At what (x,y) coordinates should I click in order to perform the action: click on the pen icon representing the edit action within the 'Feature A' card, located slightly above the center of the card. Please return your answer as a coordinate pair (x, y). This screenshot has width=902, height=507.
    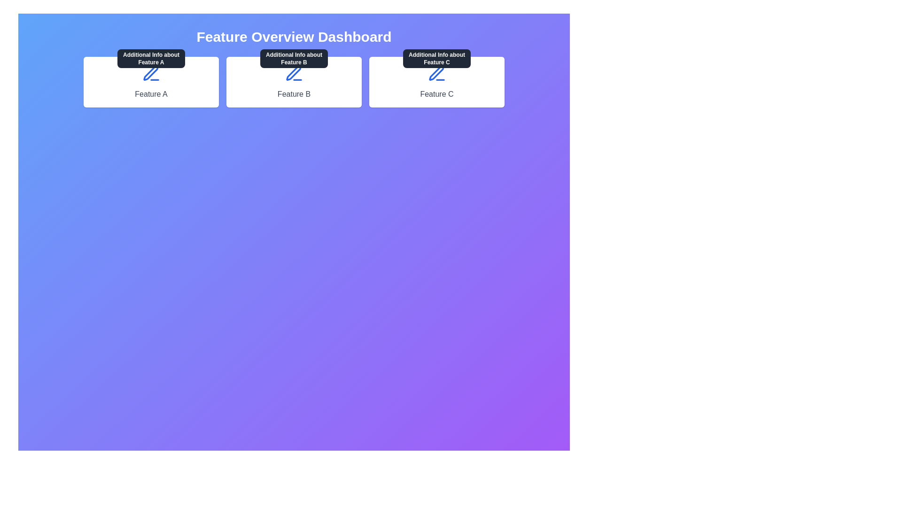
    Looking at the image, I should click on (151, 73).